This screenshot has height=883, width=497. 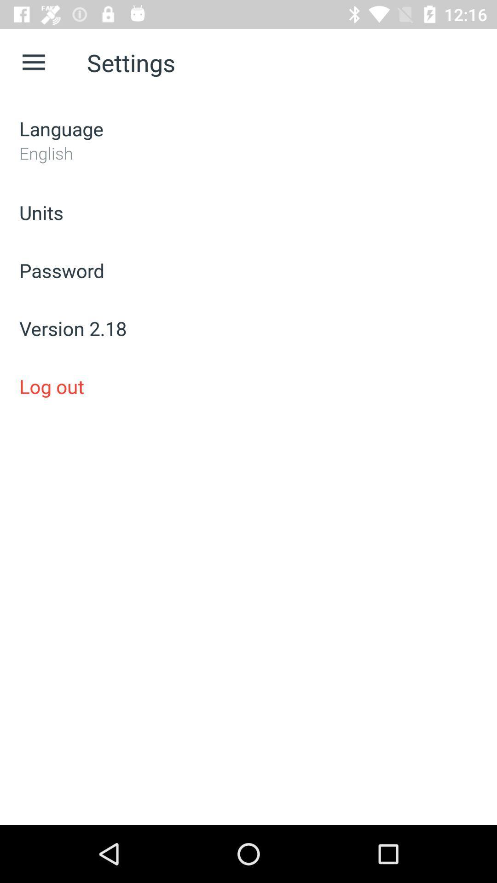 What do you see at coordinates (248, 386) in the screenshot?
I see `log out icon` at bounding box center [248, 386].